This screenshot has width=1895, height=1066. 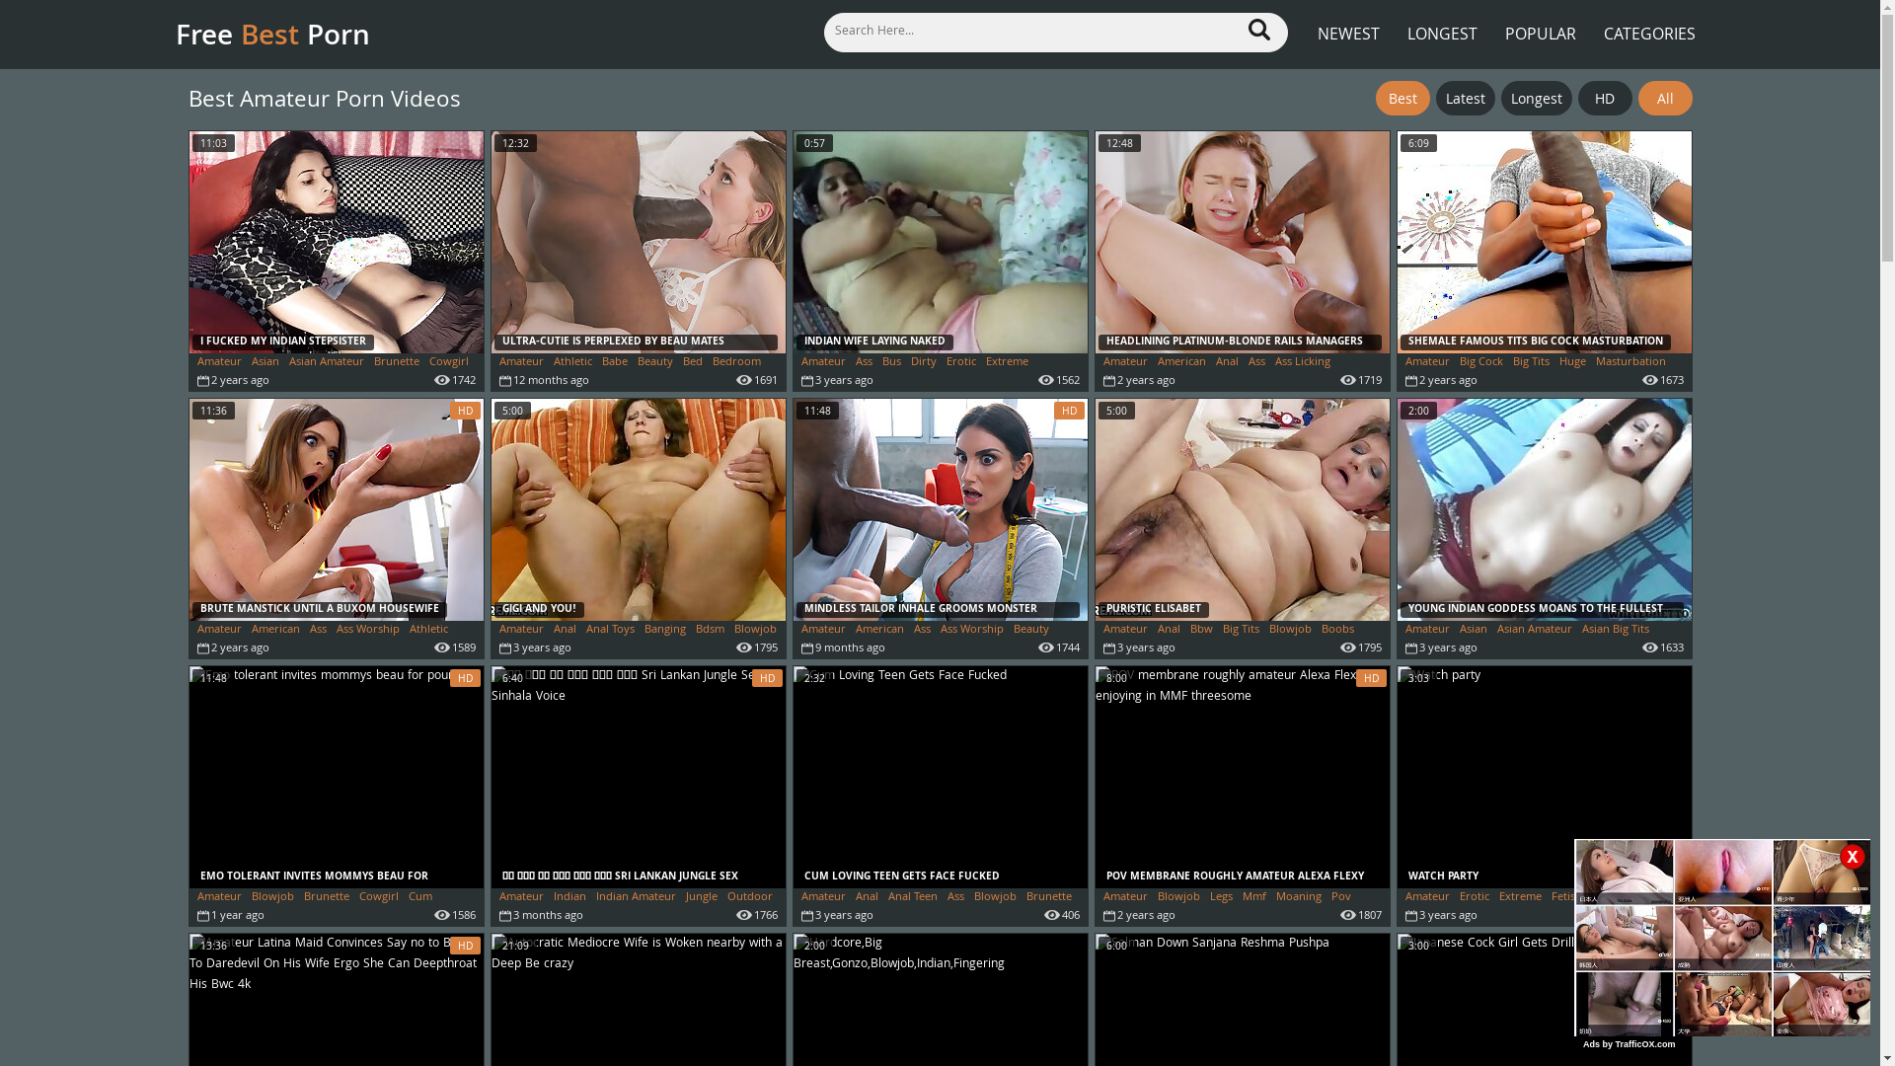 I want to click on 'Extreme', so click(x=1518, y=897).